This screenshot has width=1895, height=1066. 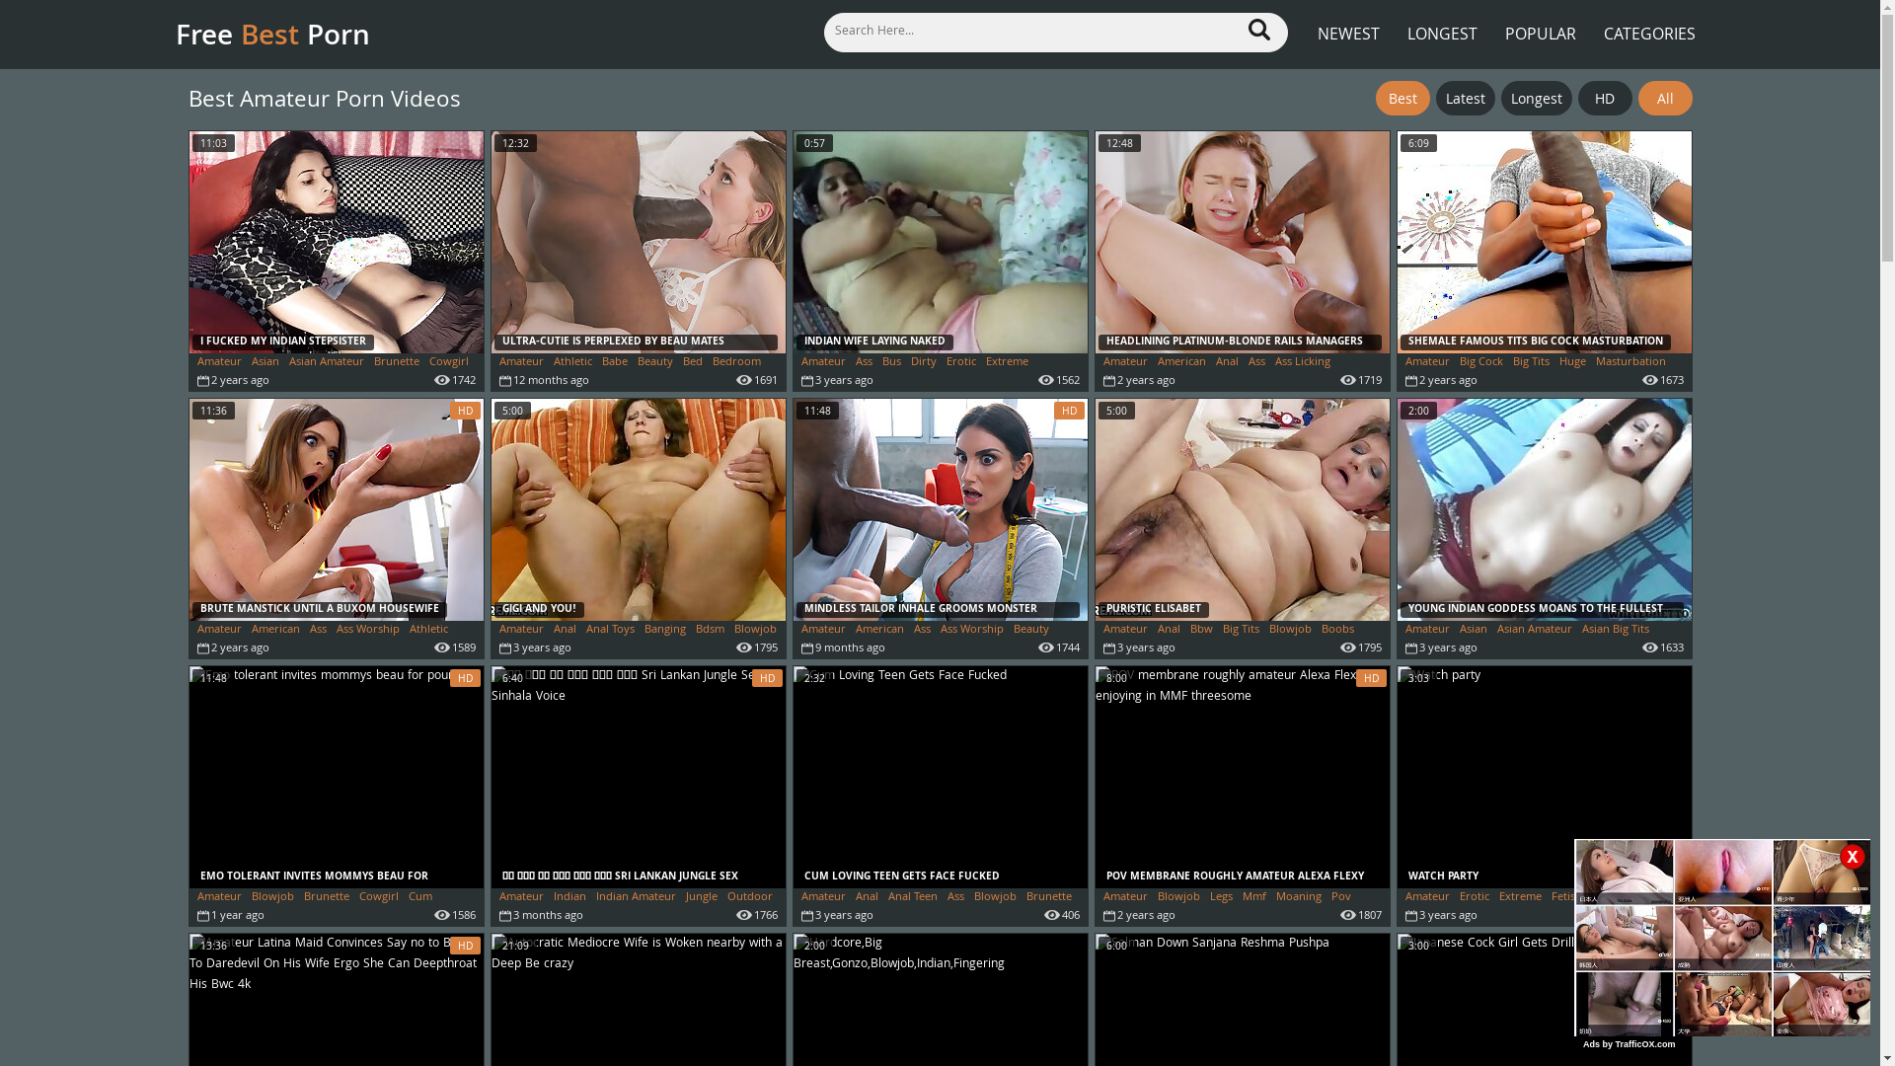 I want to click on 'Extreme', so click(x=1518, y=897).